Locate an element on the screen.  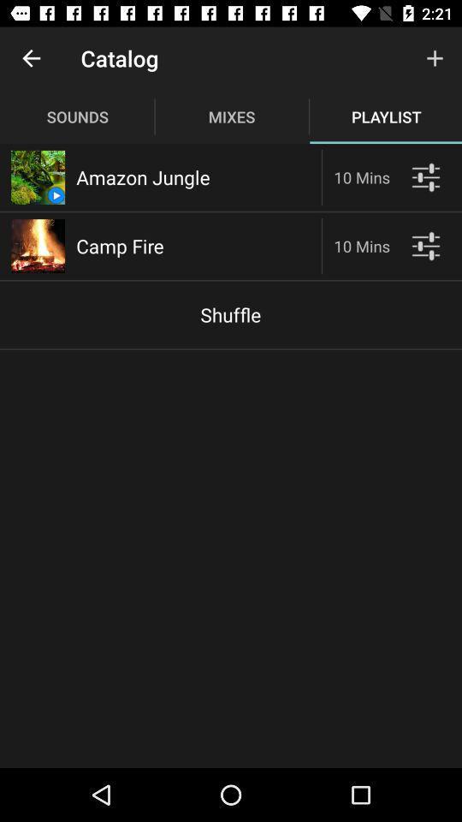
click the playlist is located at coordinates (424, 177).